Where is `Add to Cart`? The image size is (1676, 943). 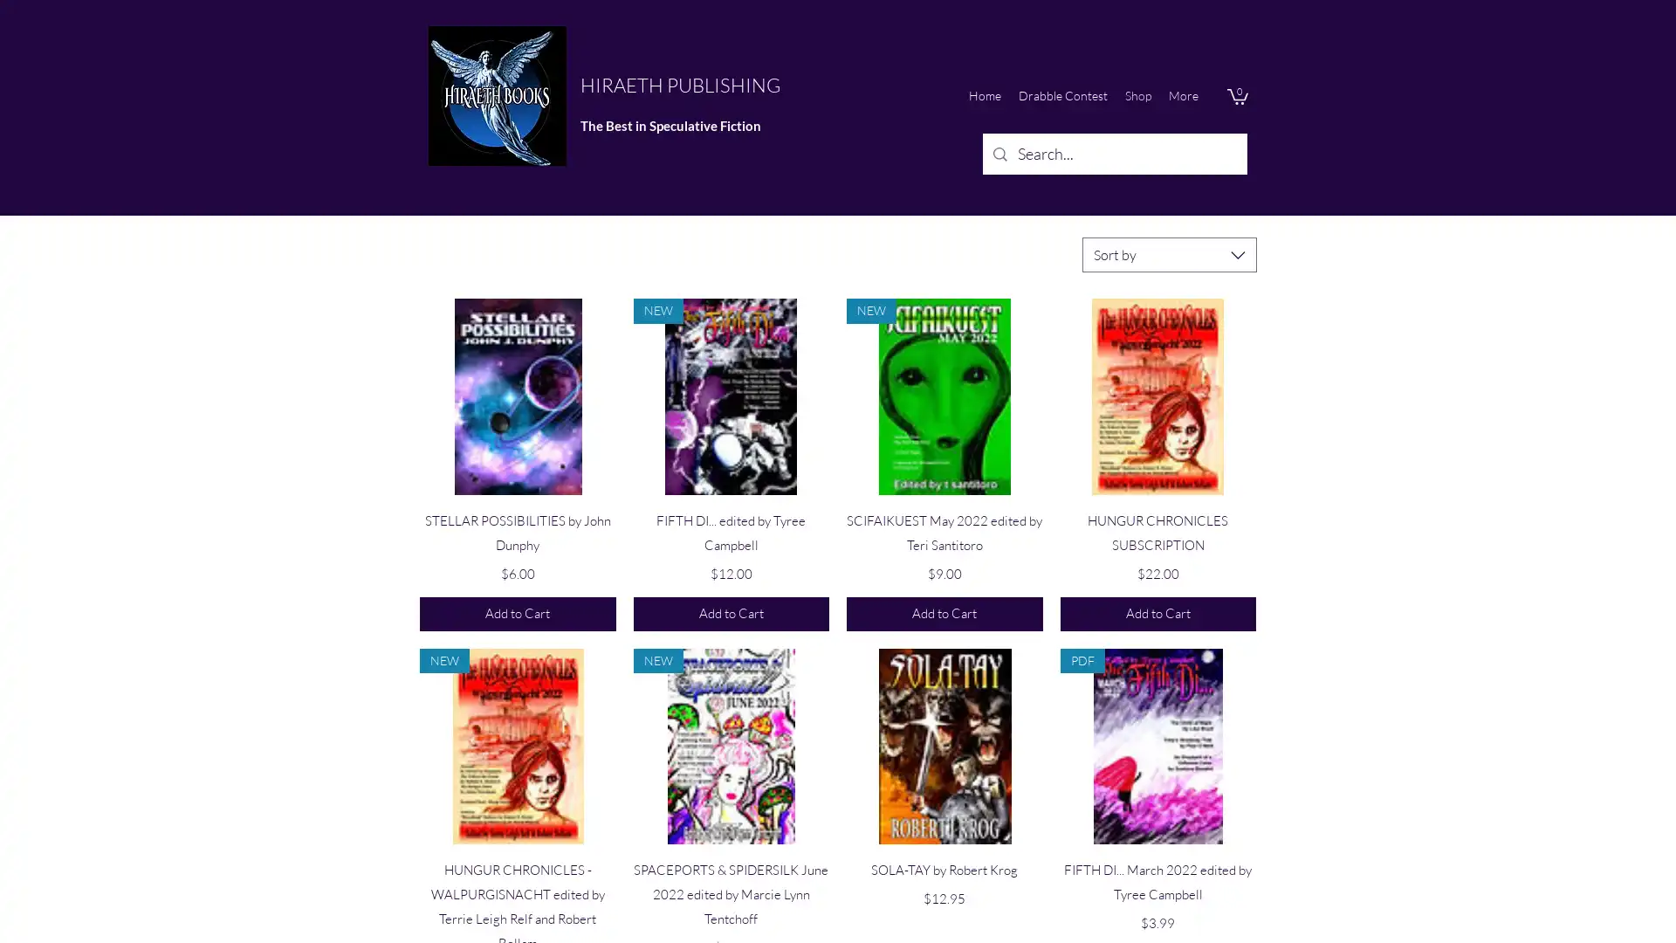
Add to Cart is located at coordinates (943, 612).